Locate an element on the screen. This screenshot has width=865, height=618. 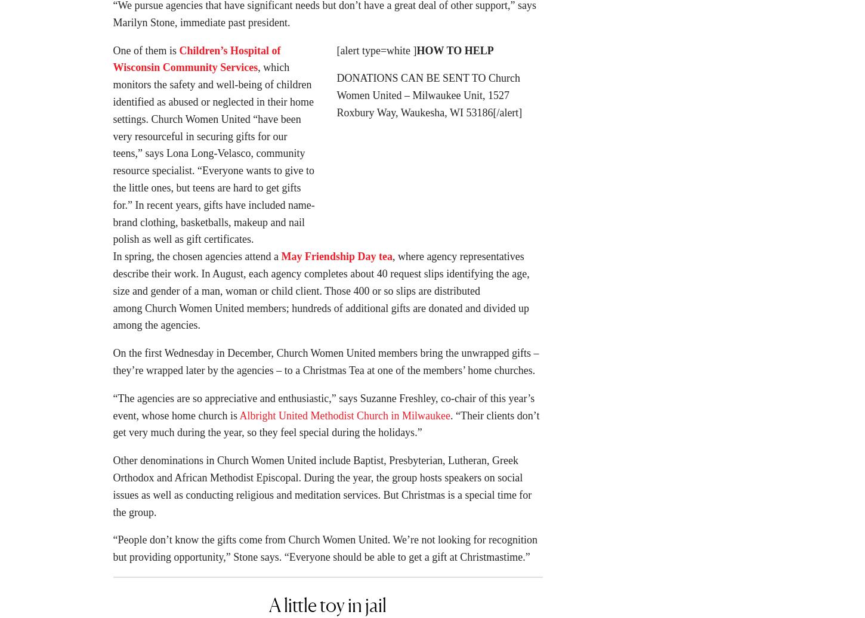
'May Friendship Day tea' is located at coordinates (336, 259).